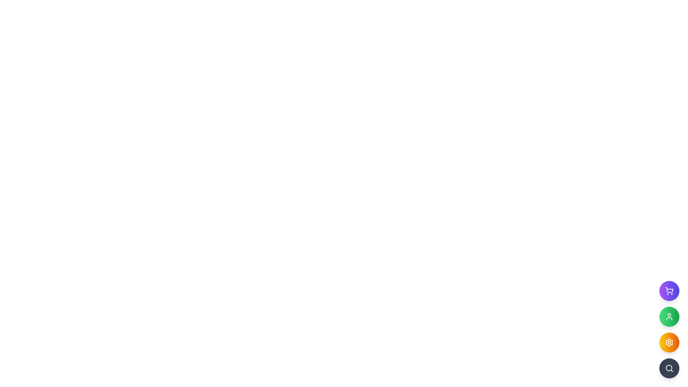 The height and width of the screenshot is (387, 688). I want to click on the user icon button, which is the second button from the top, so click(669, 316).